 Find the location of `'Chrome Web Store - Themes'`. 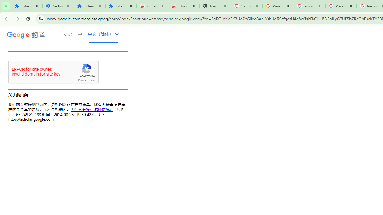

'Chrome Web Store - Themes' is located at coordinates (183, 6).